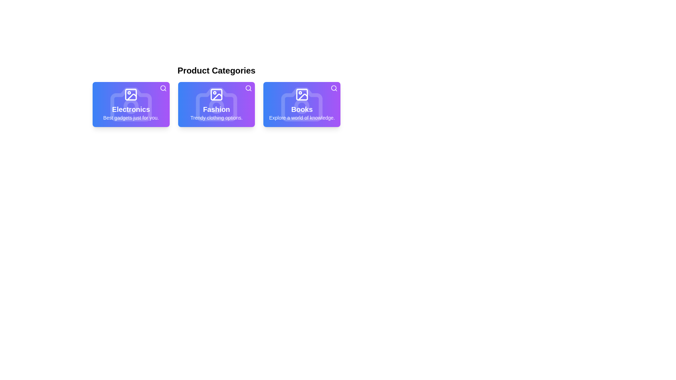 This screenshot has height=380, width=676. What do you see at coordinates (131, 104) in the screenshot?
I see `the 'Electronics' card-style UI element located in the leftmost column of the grid layout` at bounding box center [131, 104].